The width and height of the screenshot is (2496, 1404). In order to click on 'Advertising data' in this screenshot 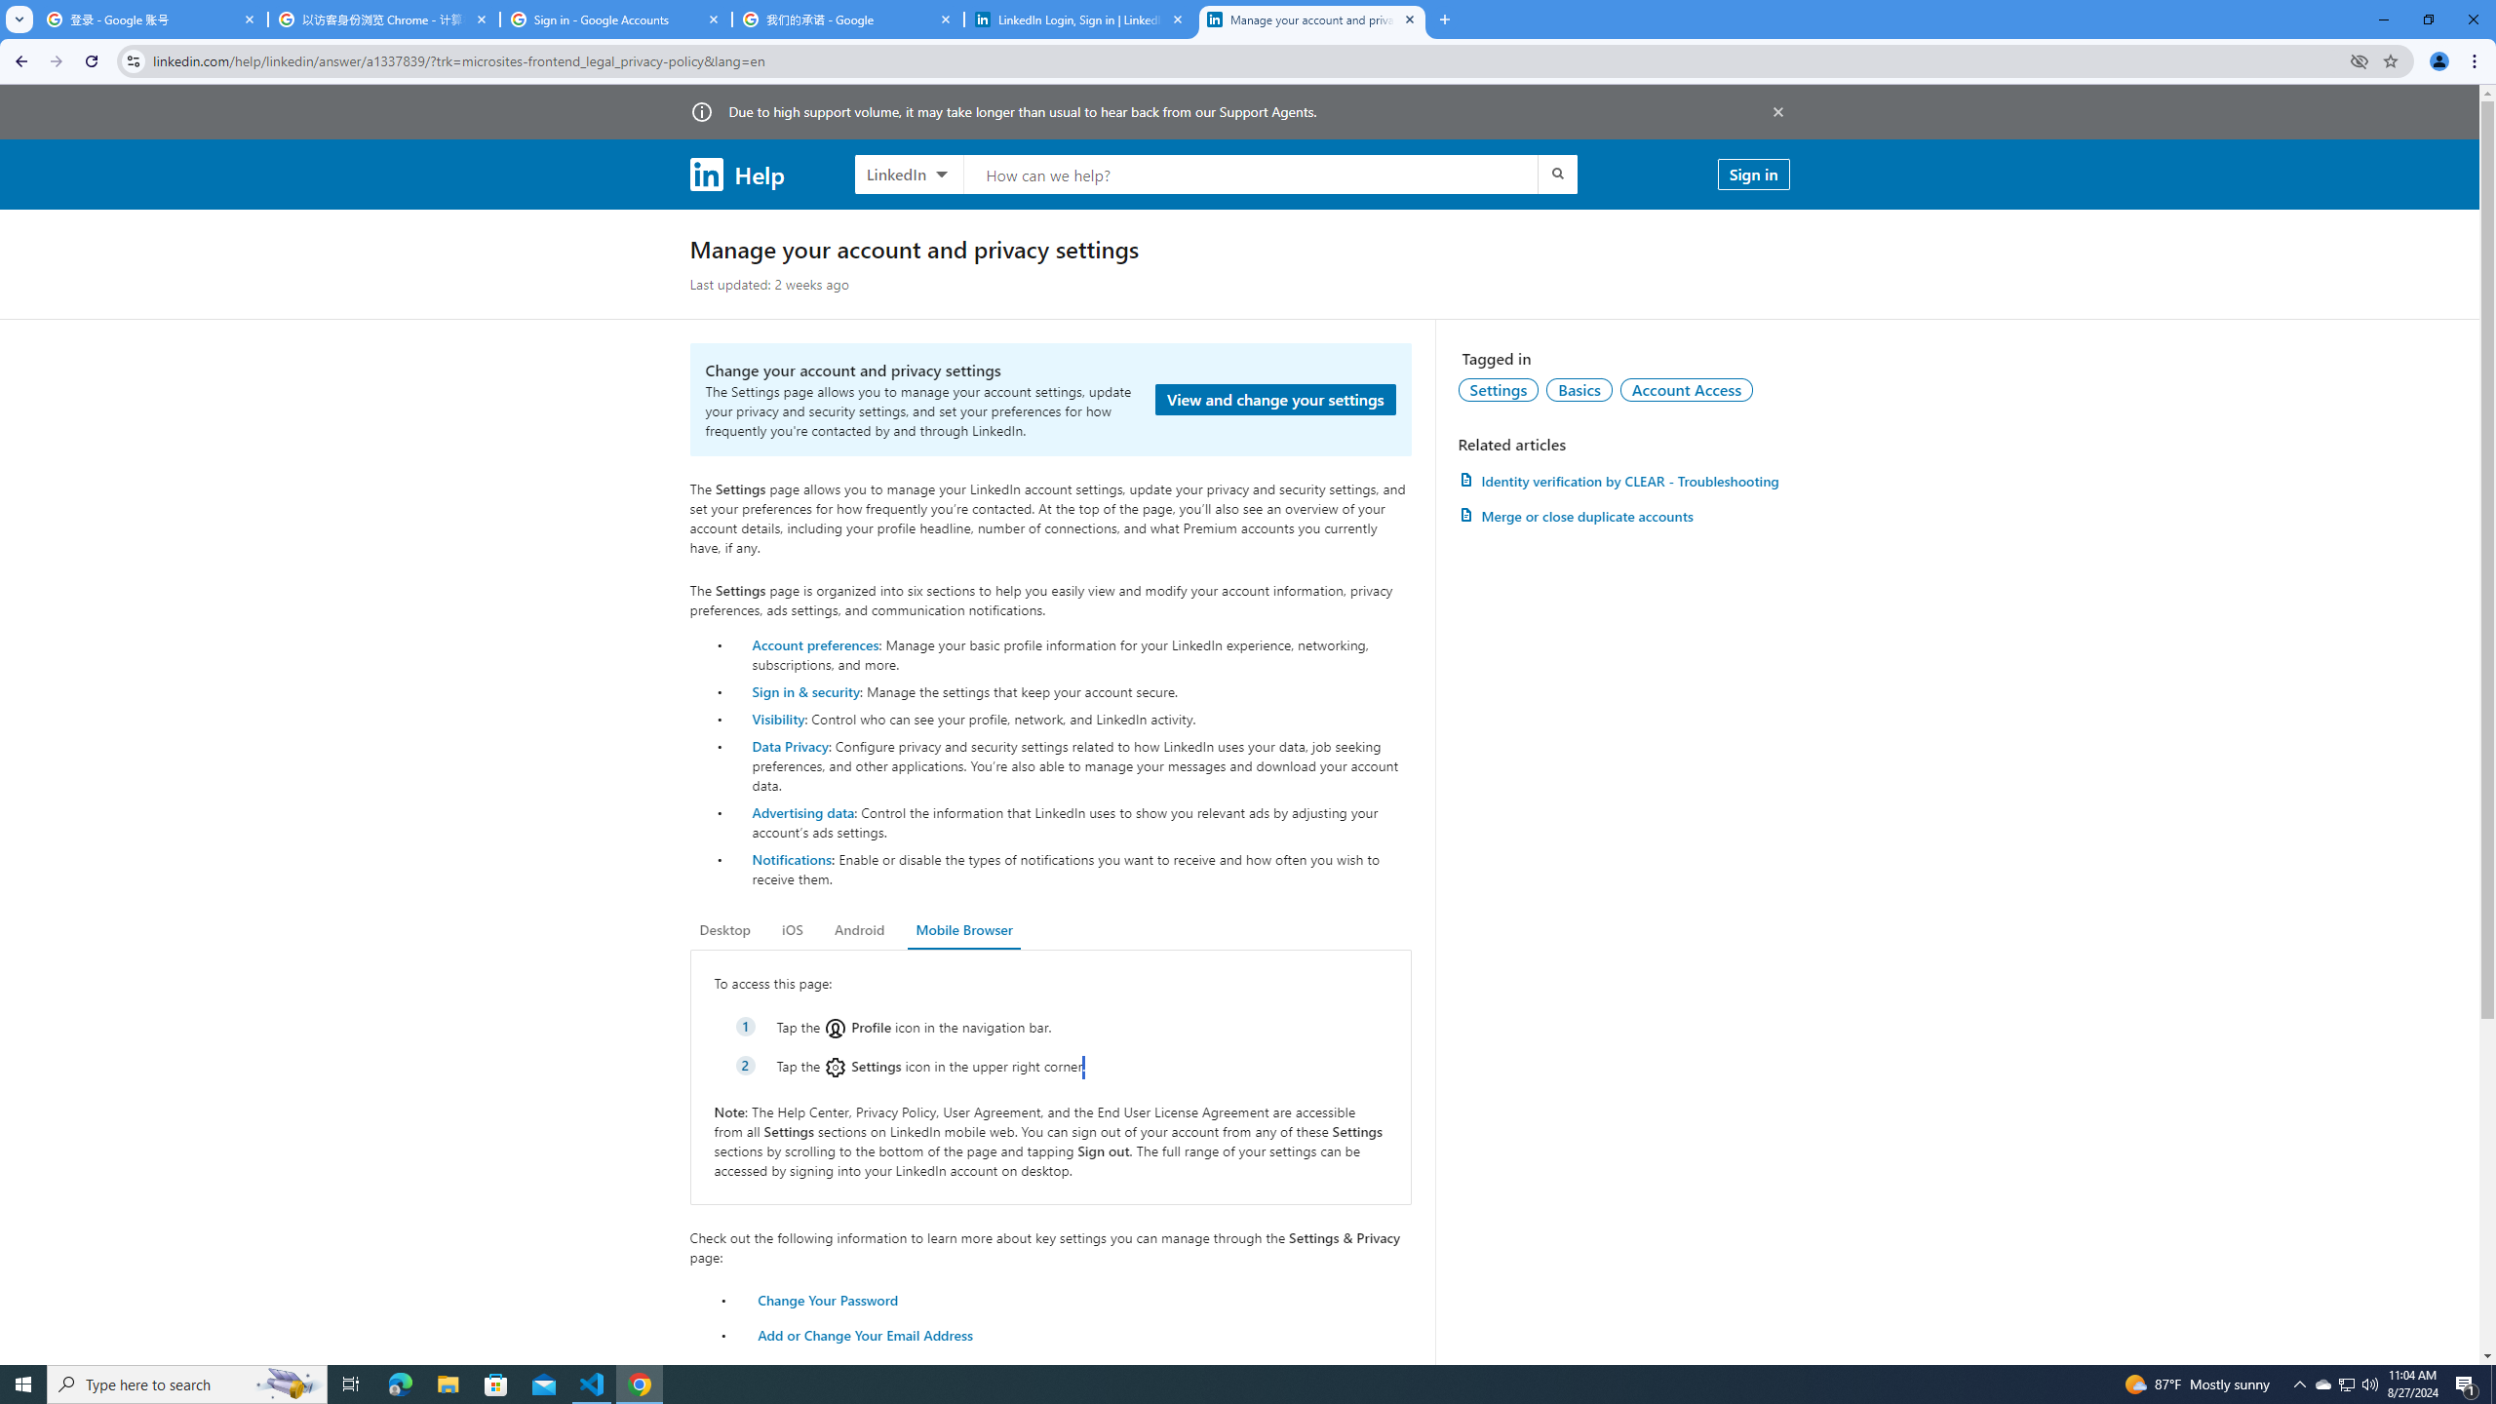, I will do `click(802, 811)`.